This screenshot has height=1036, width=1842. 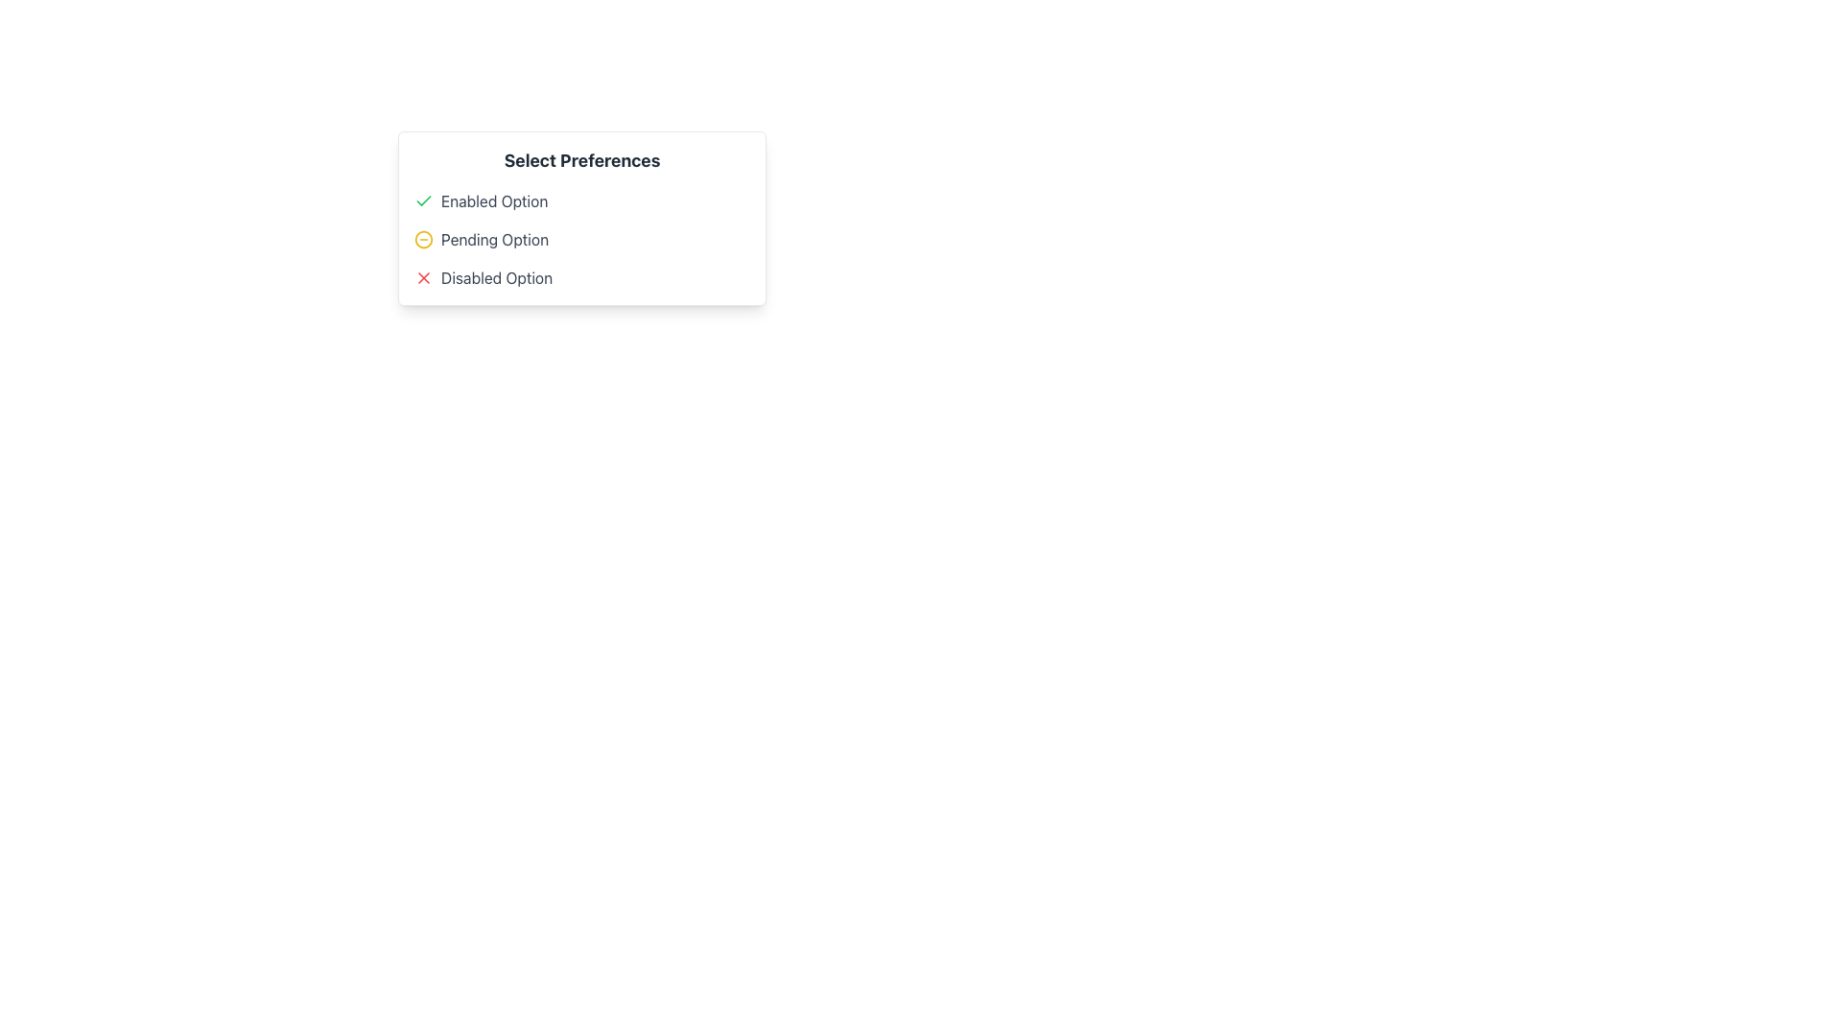 What do you see at coordinates (422, 200) in the screenshot?
I see `the green checkmark icon indicating a positive state located to the left of the 'Enabled Option' label in the preference selection panel` at bounding box center [422, 200].